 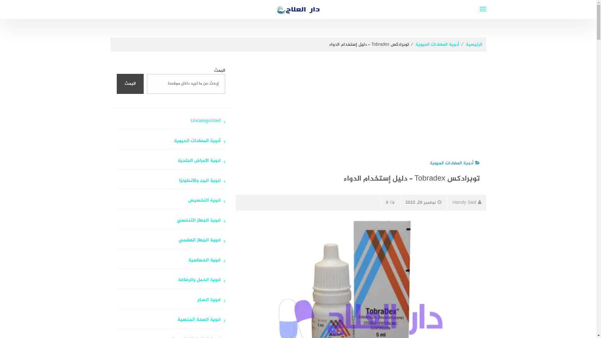 What do you see at coordinates (390, 202) in the screenshot?
I see `'0'` at bounding box center [390, 202].